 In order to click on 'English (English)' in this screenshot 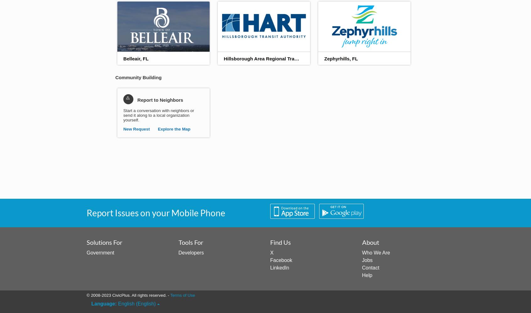, I will do `click(136, 303)`.